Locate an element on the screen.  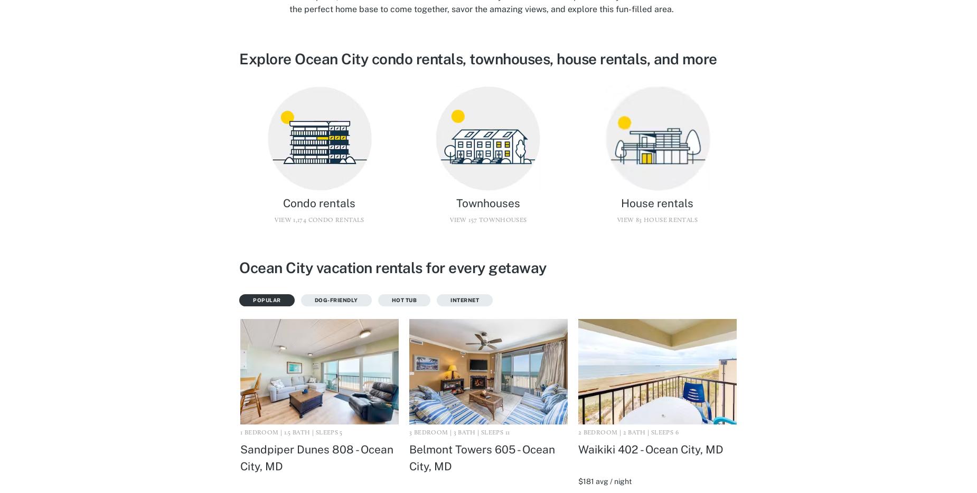
'Belmont Towers 605 - Ocean City, MD' is located at coordinates (482, 457).